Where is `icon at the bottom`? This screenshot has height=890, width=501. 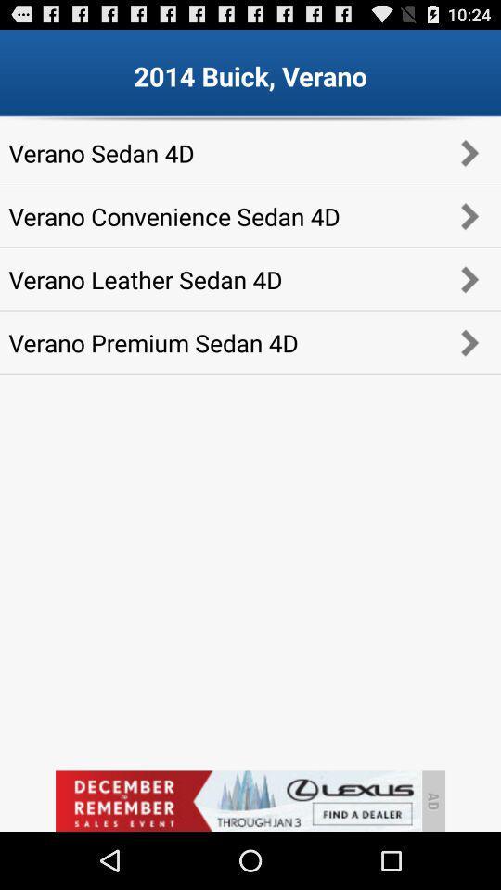
icon at the bottom is located at coordinates (238, 800).